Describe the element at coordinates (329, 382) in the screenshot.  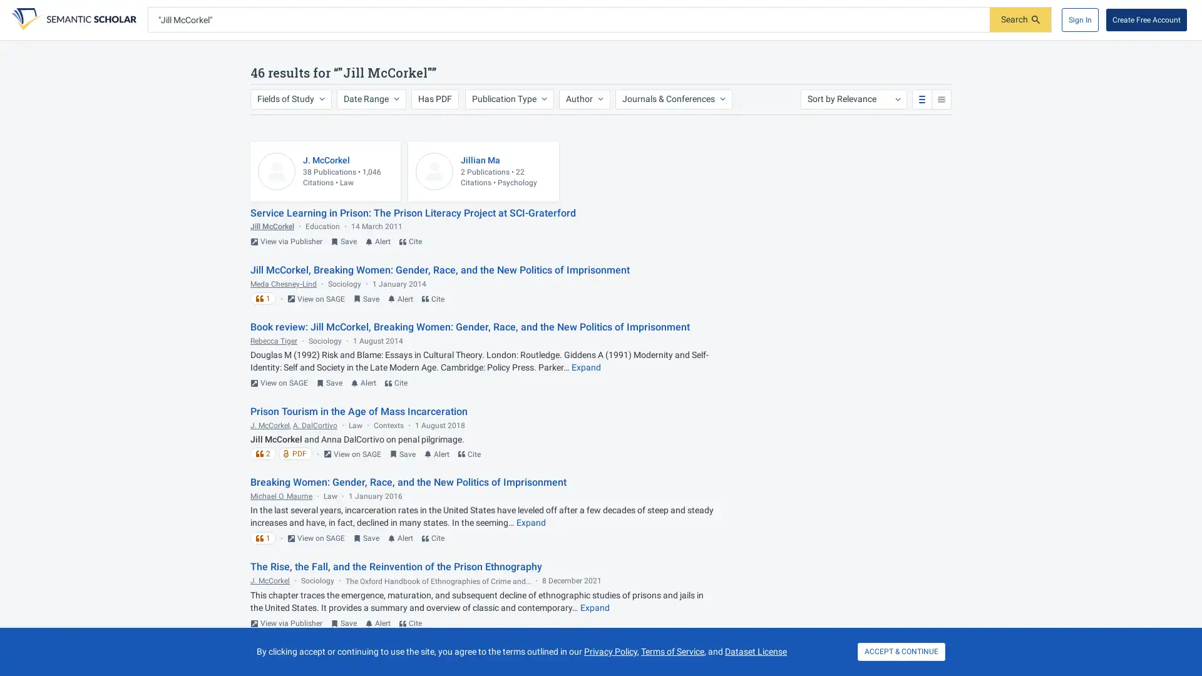
I see `Save to Library` at that location.